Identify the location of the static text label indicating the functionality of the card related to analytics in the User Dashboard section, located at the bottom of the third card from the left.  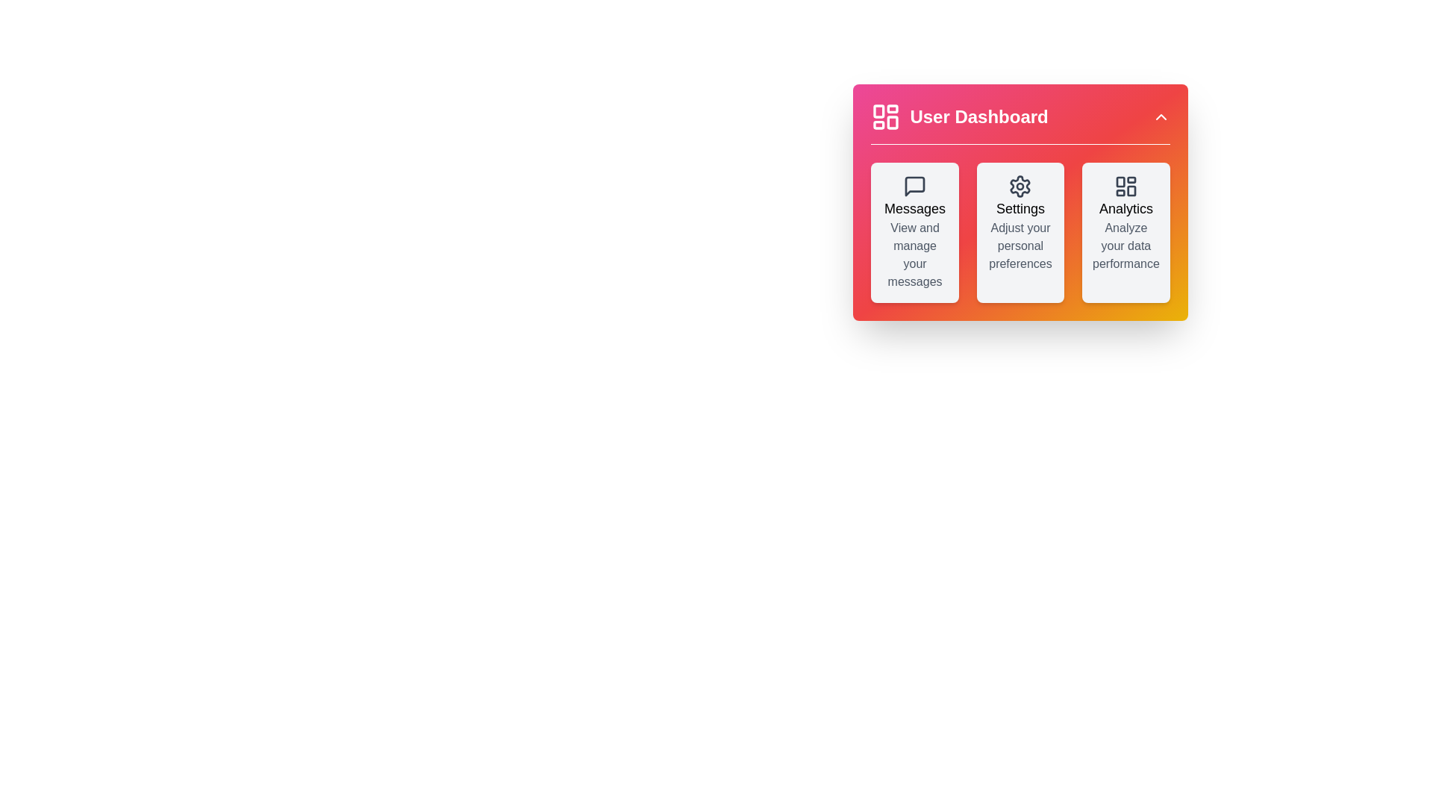
(1126, 209).